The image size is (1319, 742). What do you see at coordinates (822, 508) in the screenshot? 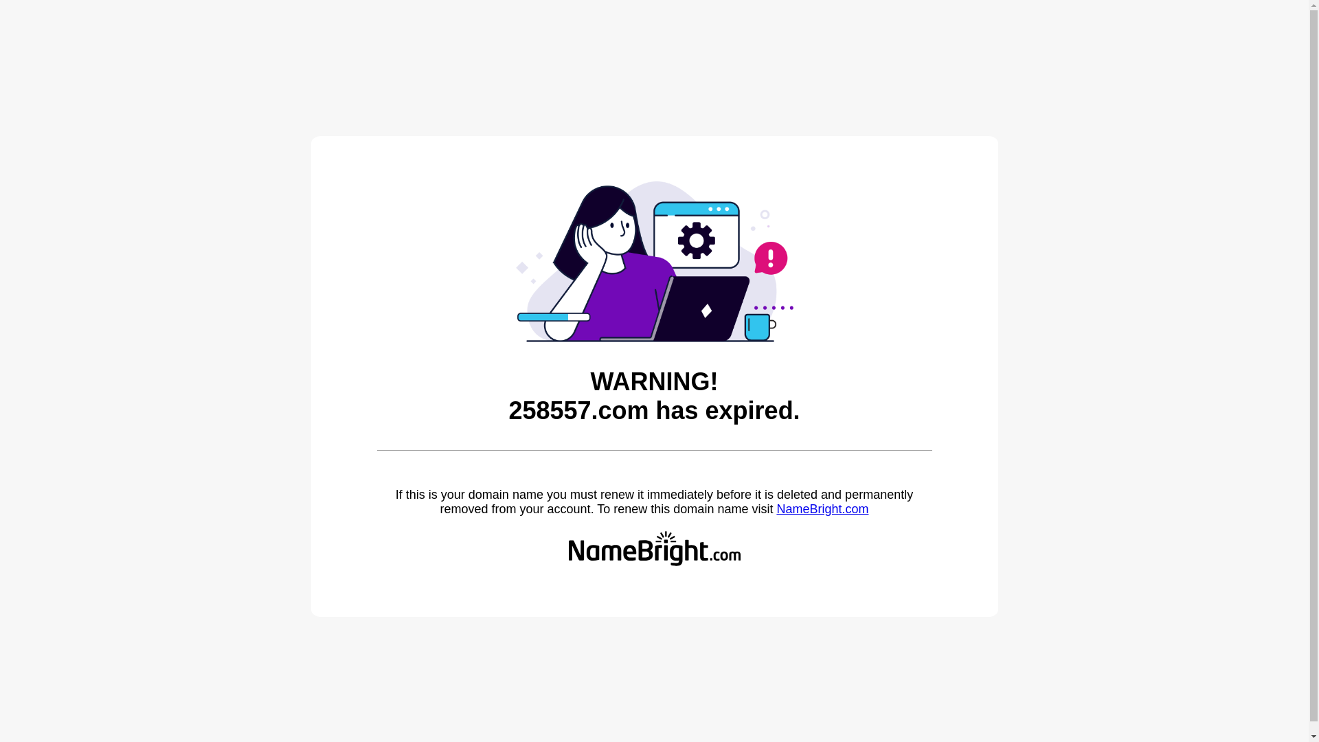
I see `'NameBright.com'` at bounding box center [822, 508].